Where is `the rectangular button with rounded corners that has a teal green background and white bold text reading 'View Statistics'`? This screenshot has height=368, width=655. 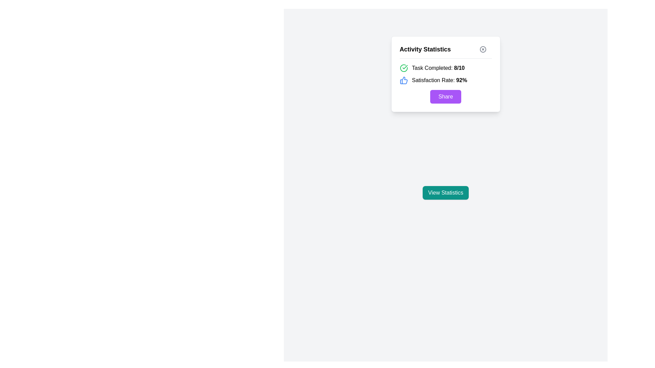
the rectangular button with rounded corners that has a teal green background and white bold text reading 'View Statistics' is located at coordinates (446, 193).